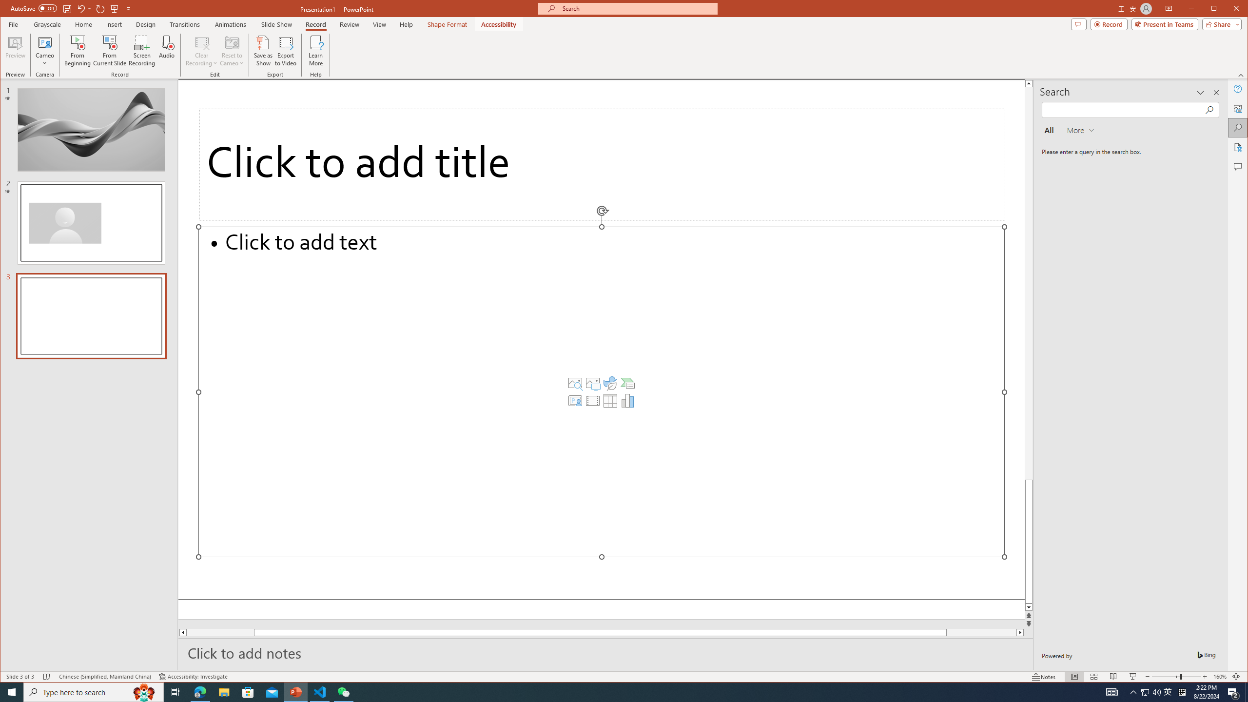 The height and width of the screenshot is (702, 1248). I want to click on 'Reset to Cameo', so click(231, 50).